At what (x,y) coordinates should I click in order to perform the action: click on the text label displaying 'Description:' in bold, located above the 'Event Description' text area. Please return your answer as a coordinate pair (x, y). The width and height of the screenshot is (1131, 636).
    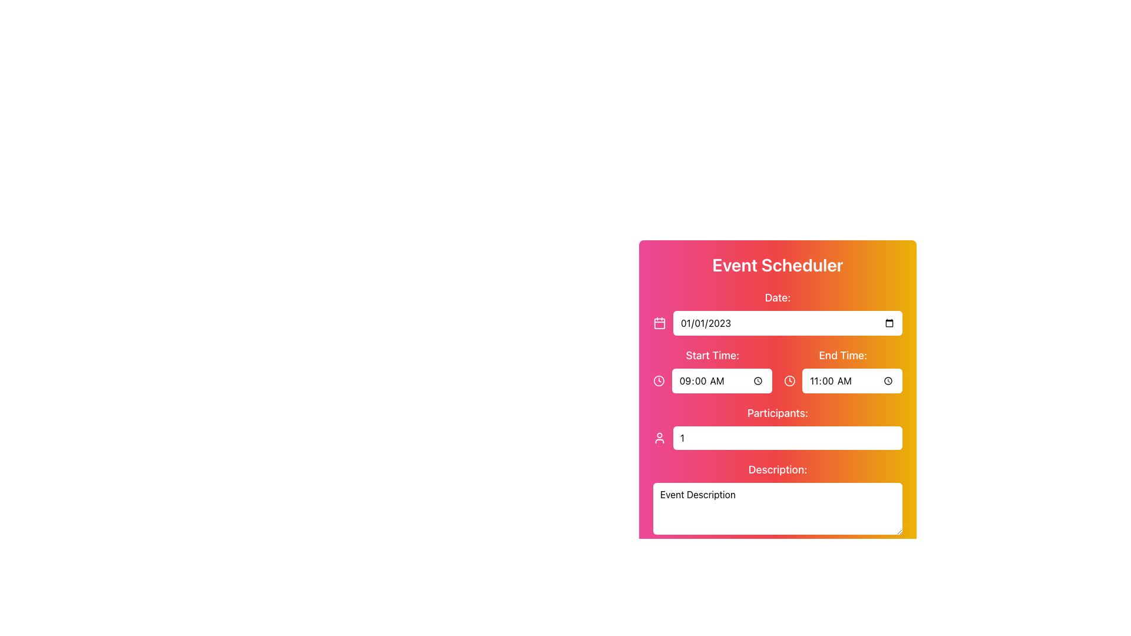
    Looking at the image, I should click on (778, 469).